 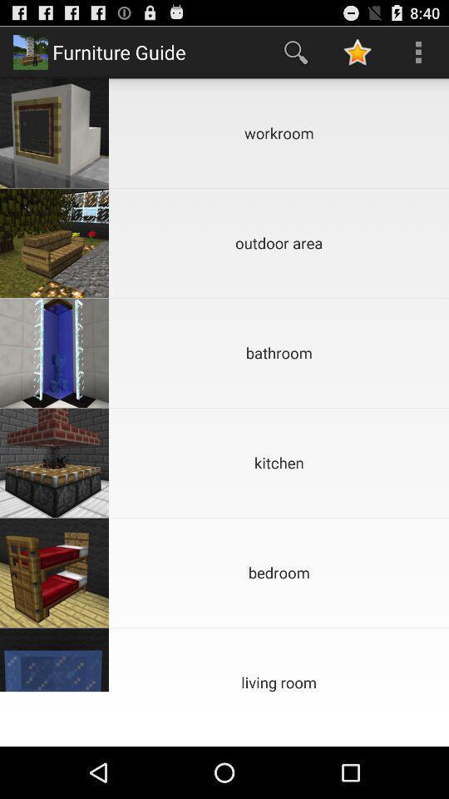 I want to click on app above the workroom, so click(x=417, y=52).